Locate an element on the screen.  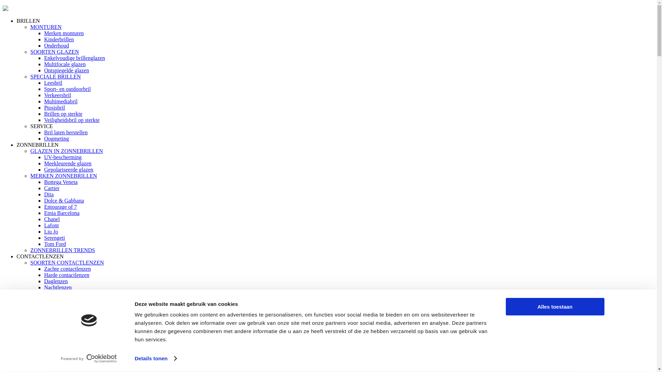
'Meekleurende glazen' is located at coordinates (44, 163).